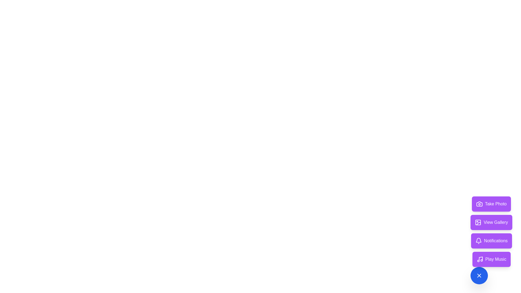 The height and width of the screenshot is (293, 521). I want to click on the purple rectangular button labeled 'Take Photo' to change its color, so click(491, 204).